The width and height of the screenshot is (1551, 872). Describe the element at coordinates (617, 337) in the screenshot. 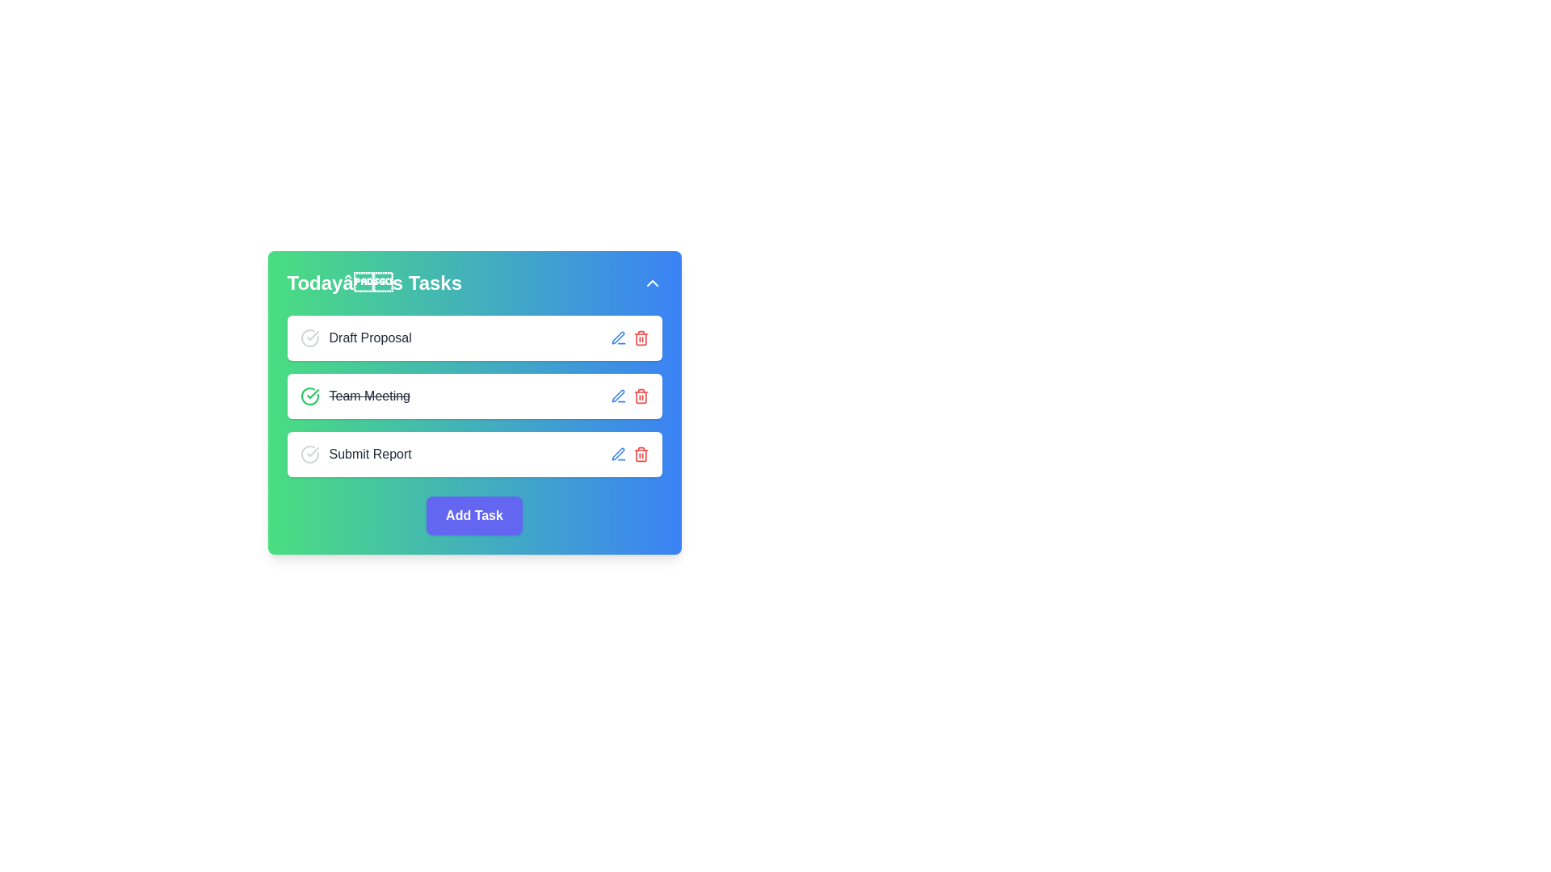

I see `the edit icon located to the right of the 'Team Meeting' task entry` at that location.